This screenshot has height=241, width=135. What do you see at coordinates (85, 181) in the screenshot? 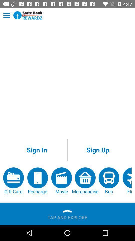
I see `the item above the tap and explore icon` at bounding box center [85, 181].